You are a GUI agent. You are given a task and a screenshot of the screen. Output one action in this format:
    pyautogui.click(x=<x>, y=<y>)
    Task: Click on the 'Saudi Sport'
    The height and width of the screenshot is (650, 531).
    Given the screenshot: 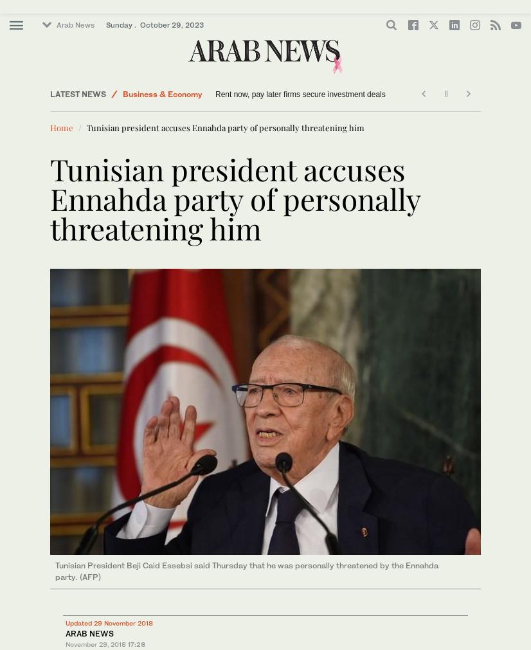 What is the action you would take?
    pyautogui.click(x=144, y=55)
    